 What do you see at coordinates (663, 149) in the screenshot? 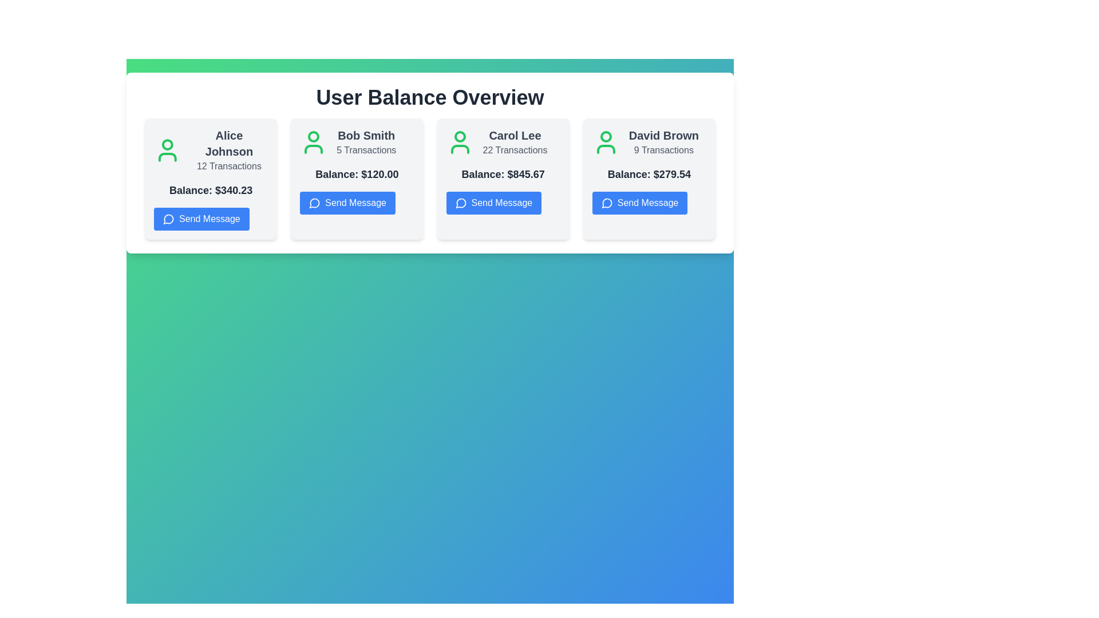
I see `the Text Label indicating the number of transactions associated with the user 'David Brown', which is located below the user's name and above the balance information on the dashboard` at bounding box center [663, 149].